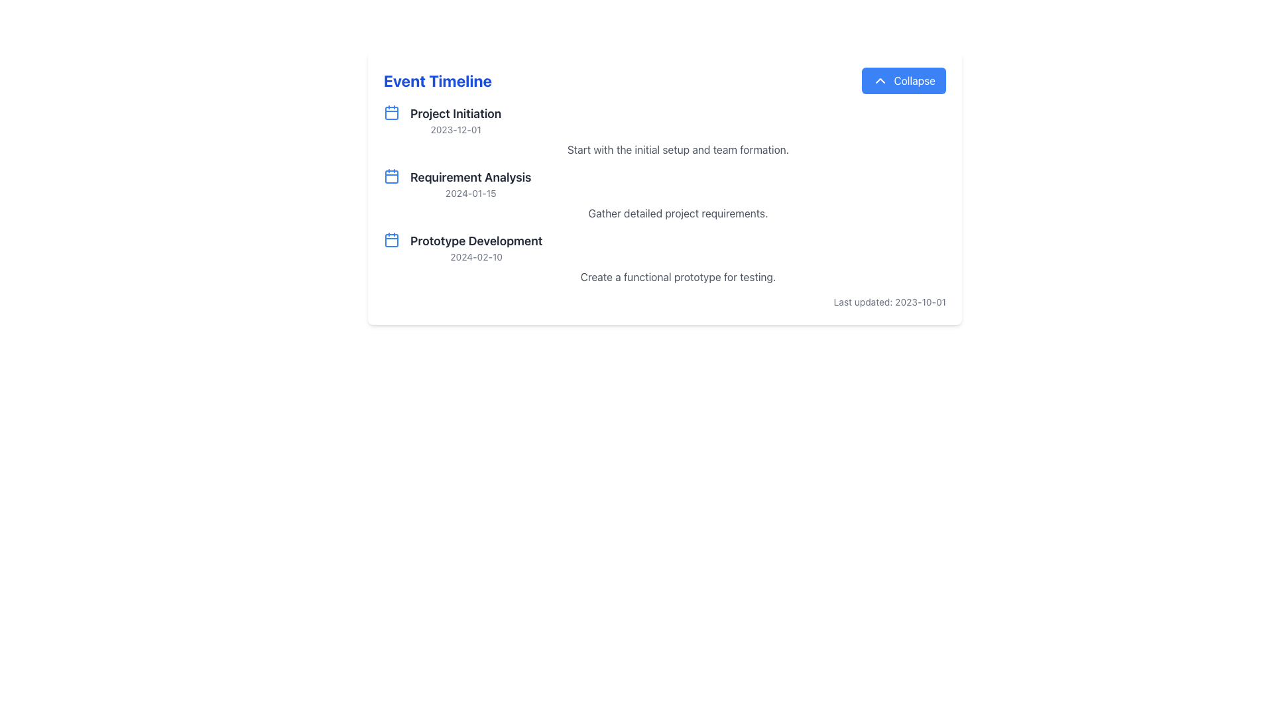 The width and height of the screenshot is (1273, 716). What do you see at coordinates (471, 184) in the screenshot?
I see `the milestone event display element located in the second position of a vertically arranged list, which includes a title and subtitle indicating the event name and scheduled date` at bounding box center [471, 184].